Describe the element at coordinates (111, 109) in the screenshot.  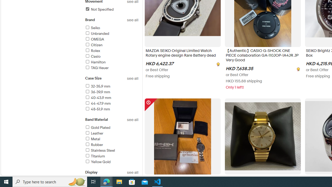
I see `'48-51.9 mm'` at that location.